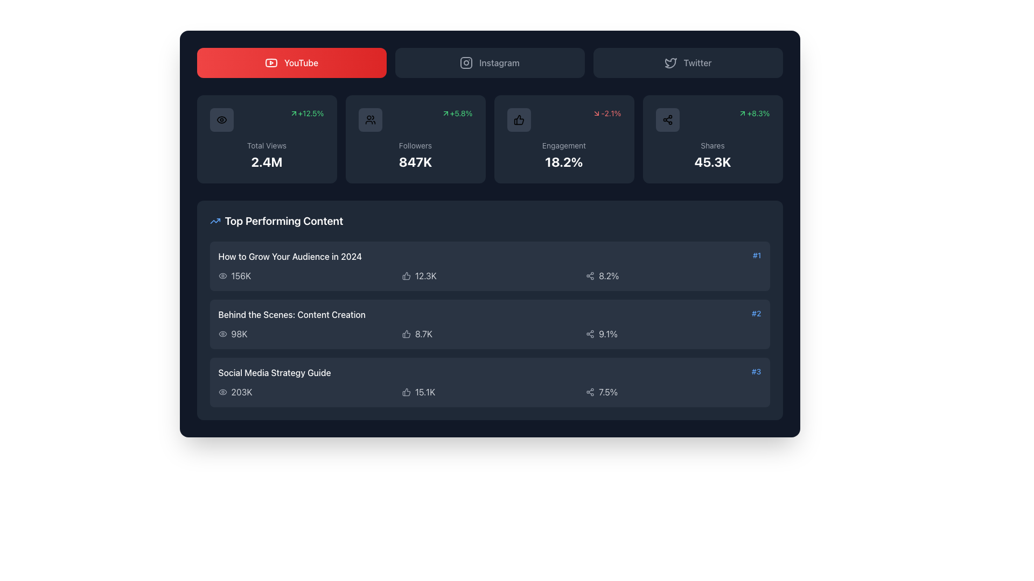 Image resolution: width=1034 pixels, height=581 pixels. What do you see at coordinates (267, 145) in the screenshot?
I see `the 'Total Views' text label, which is styled in light gray against a dark background and indicates secondary information about view metrics` at bounding box center [267, 145].